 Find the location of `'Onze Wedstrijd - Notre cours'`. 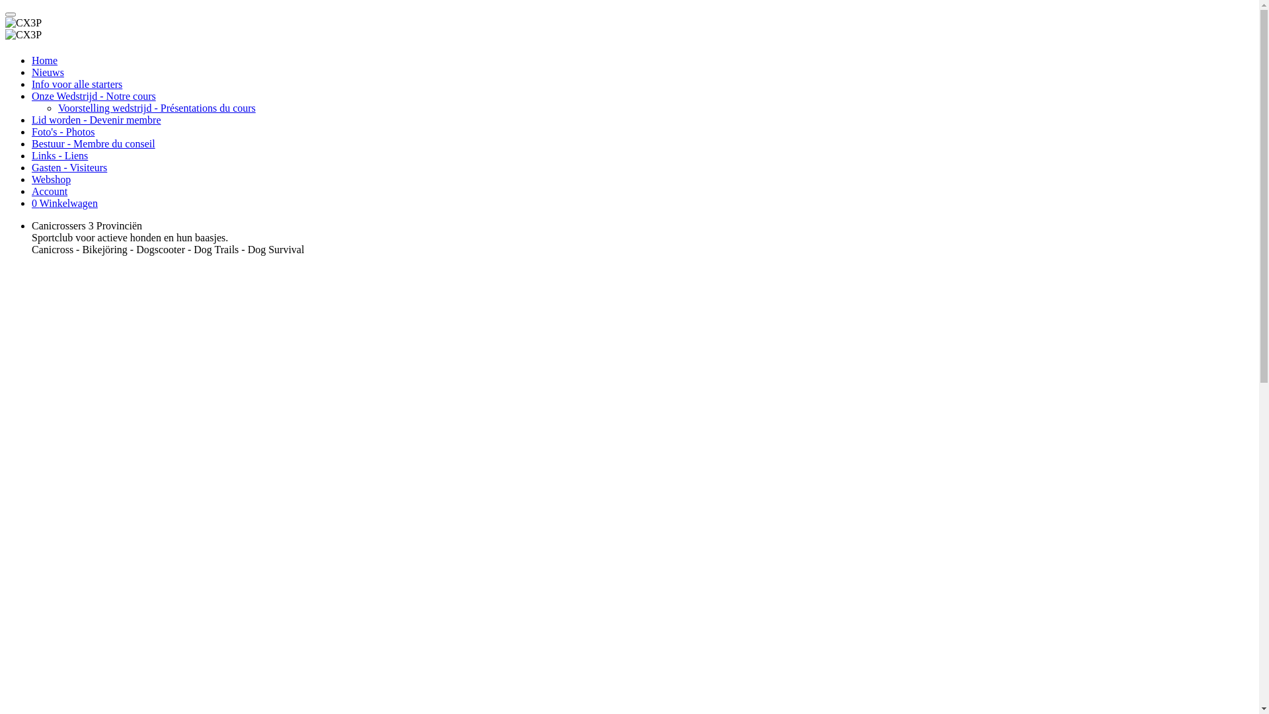

'Onze Wedstrijd - Notre cours' is located at coordinates (32, 95).